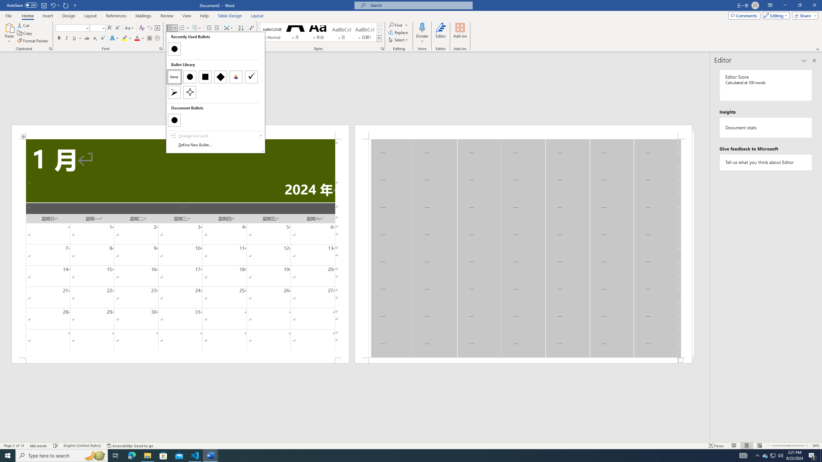  Describe the element at coordinates (147, 455) in the screenshot. I see `'File Explorer - 1 running window'` at that location.